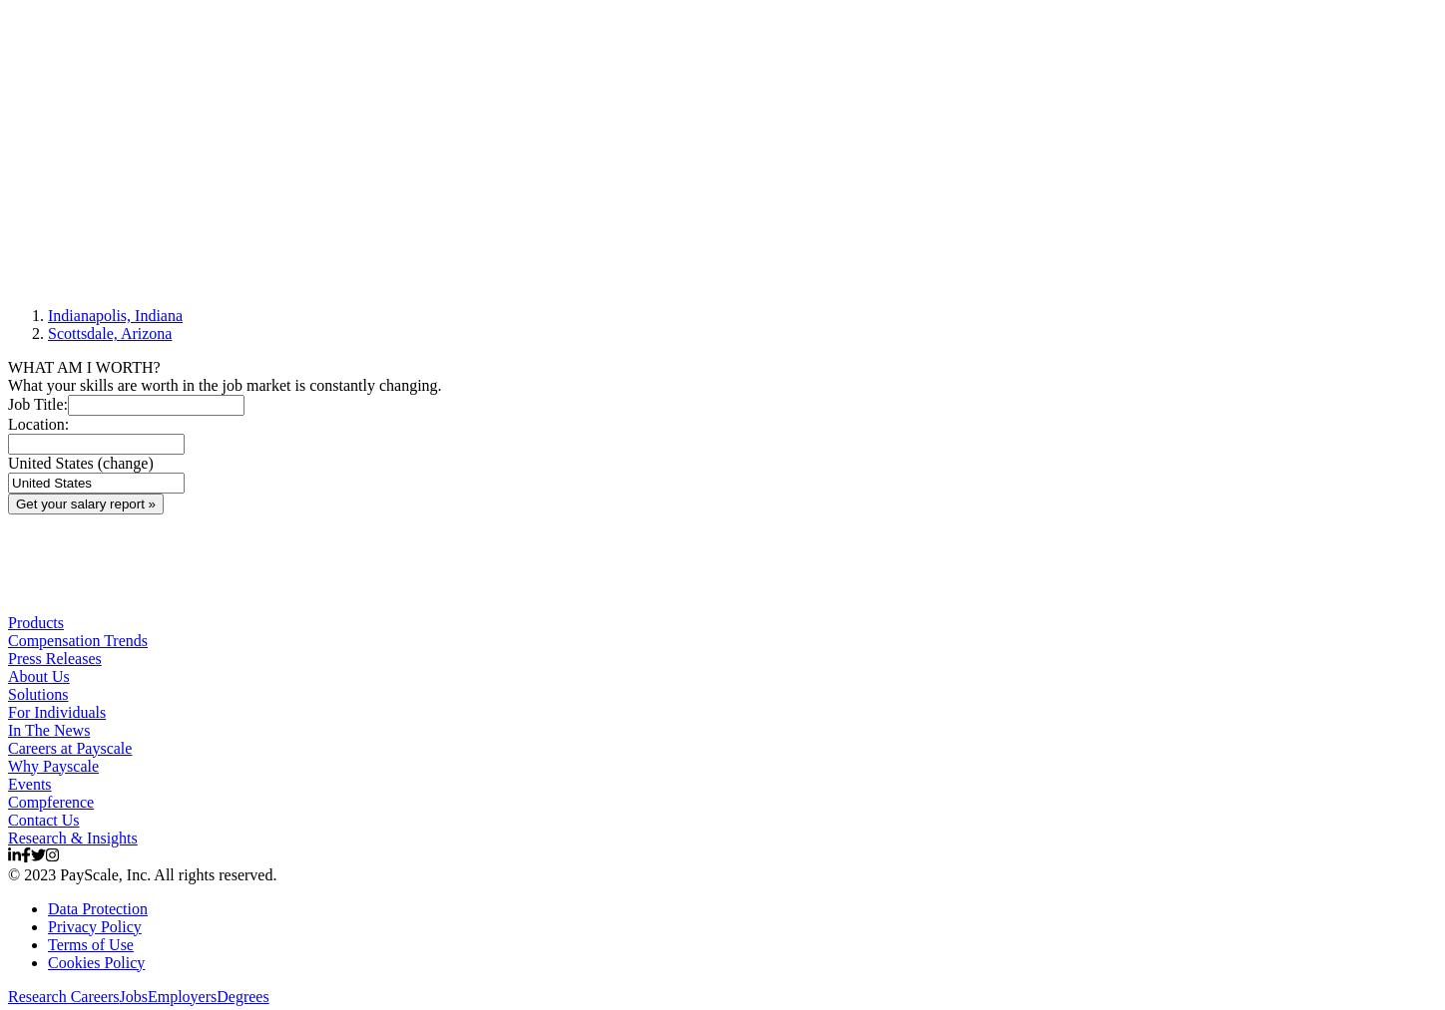  What do you see at coordinates (132, 995) in the screenshot?
I see `'Jobs'` at bounding box center [132, 995].